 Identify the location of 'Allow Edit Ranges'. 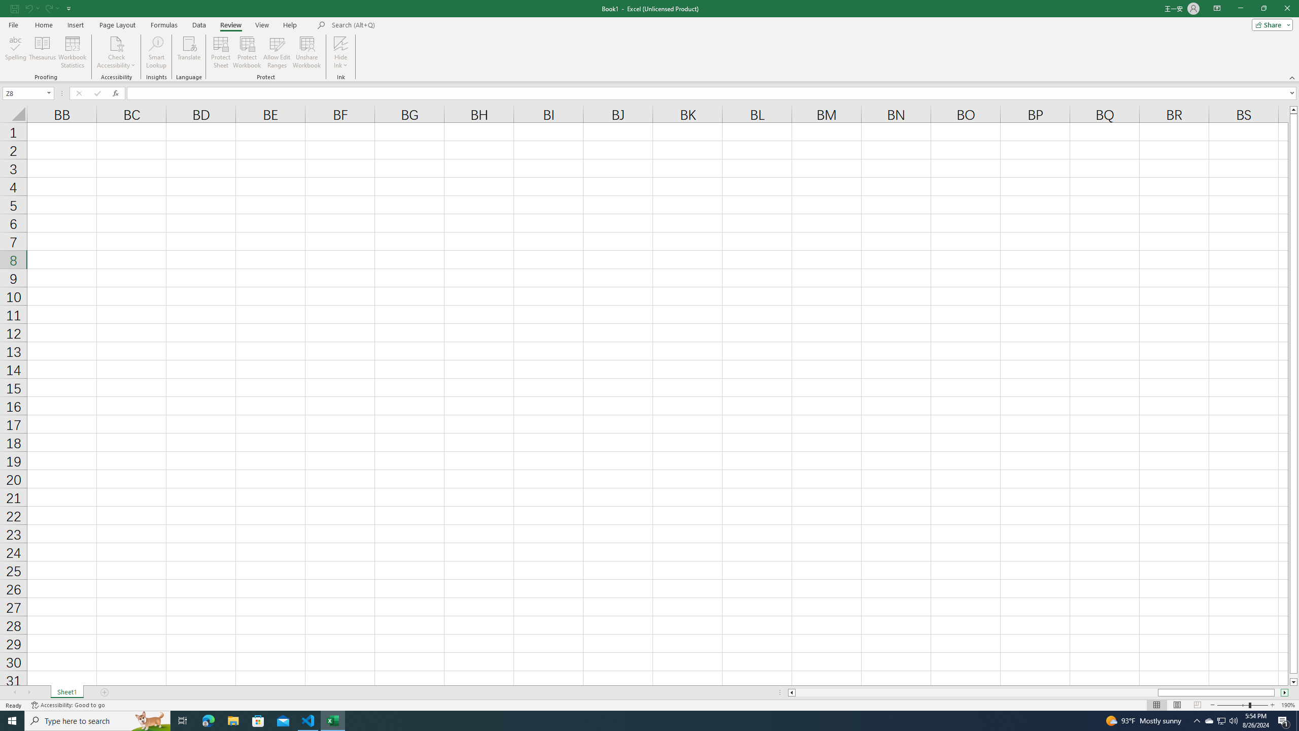
(277, 52).